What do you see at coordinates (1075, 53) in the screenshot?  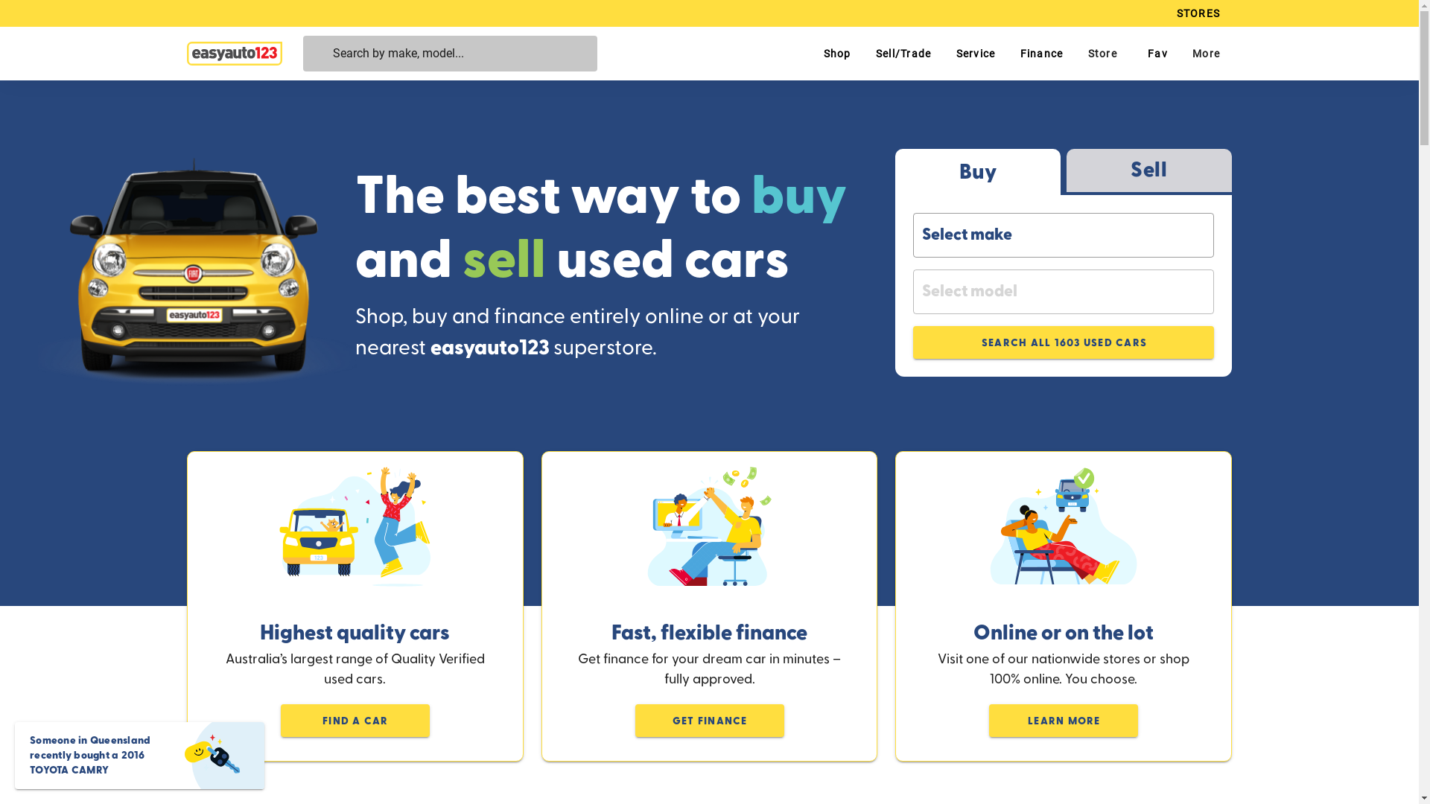 I see `'Store'` at bounding box center [1075, 53].